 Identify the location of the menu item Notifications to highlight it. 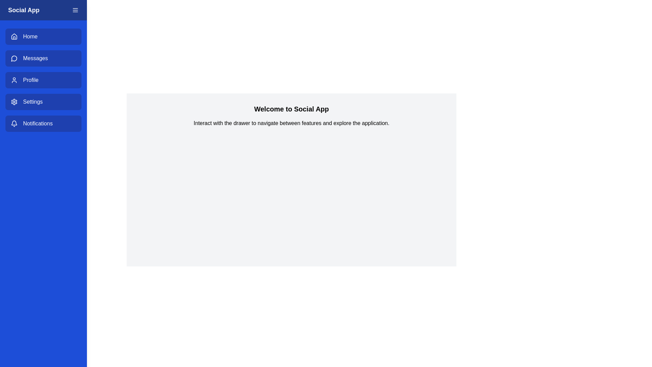
(43, 123).